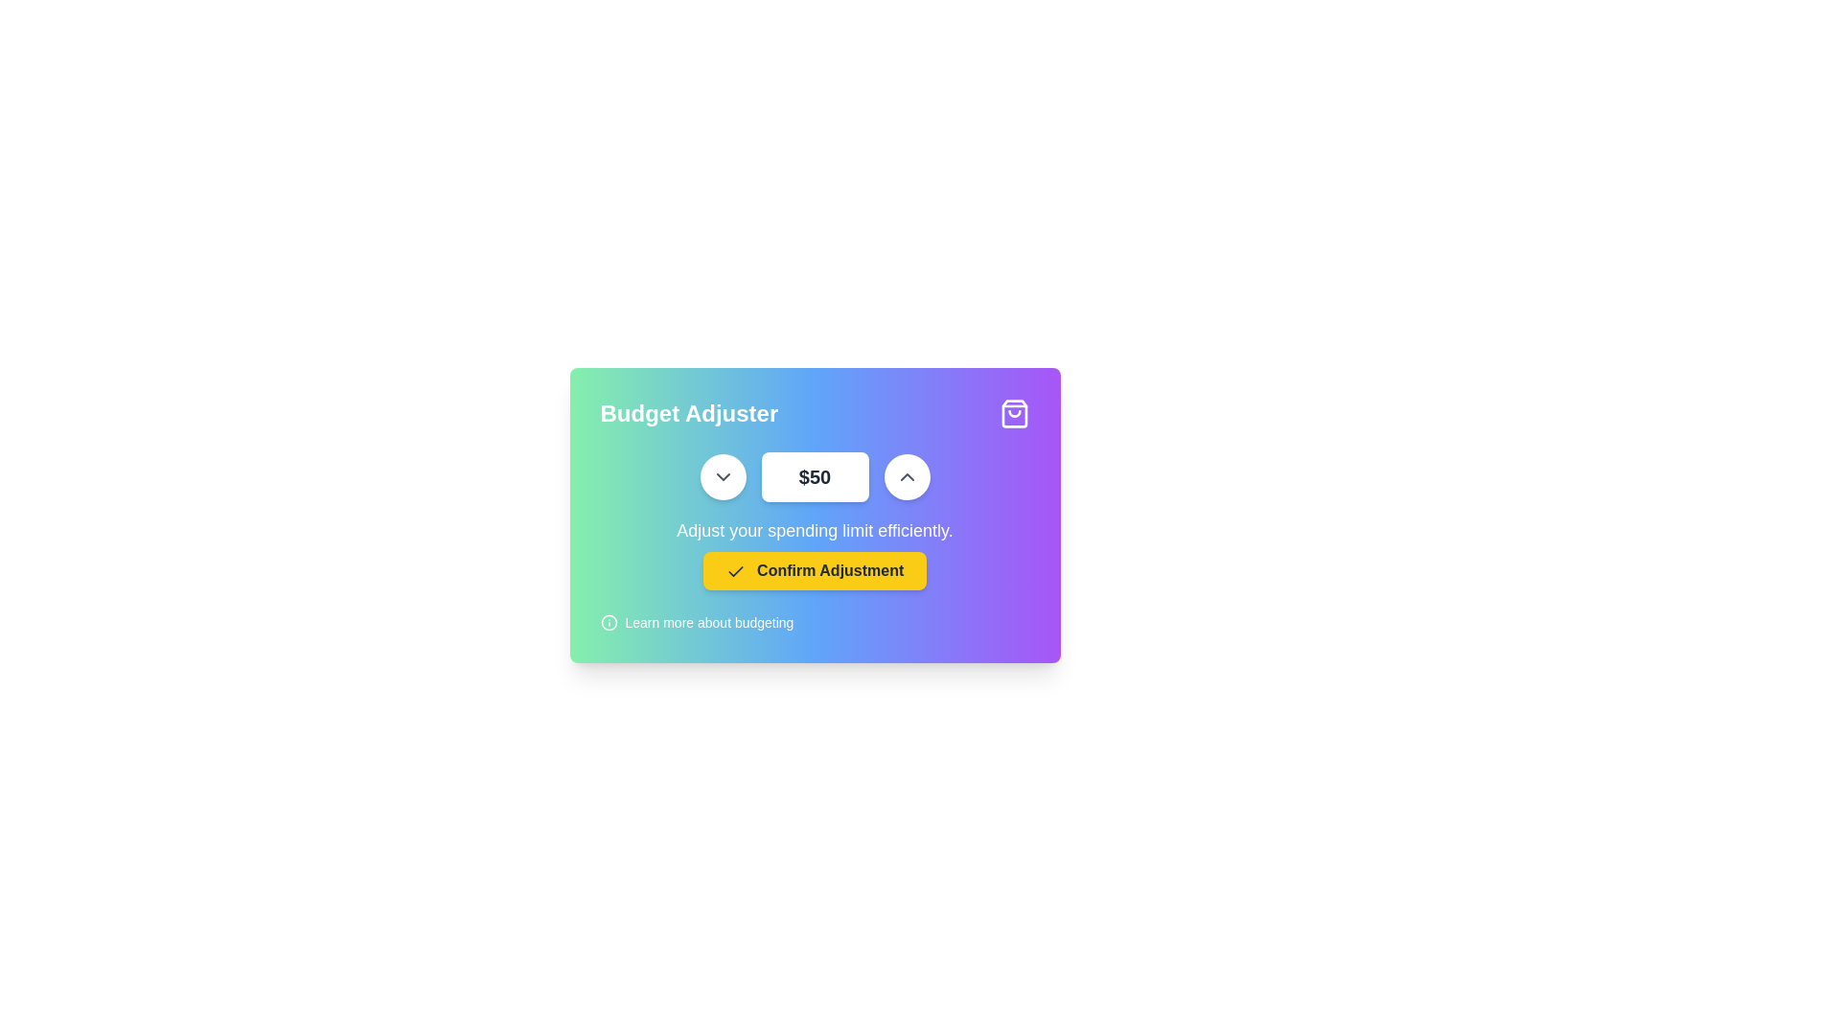 Image resolution: width=1840 pixels, height=1035 pixels. Describe the element at coordinates (689, 413) in the screenshot. I see `the bold, large-sized text label that says 'Budget Adjuster', styled in white font on a gradient background transitioning from green to blue, located in the upper-left corner of a rectangular card` at that location.